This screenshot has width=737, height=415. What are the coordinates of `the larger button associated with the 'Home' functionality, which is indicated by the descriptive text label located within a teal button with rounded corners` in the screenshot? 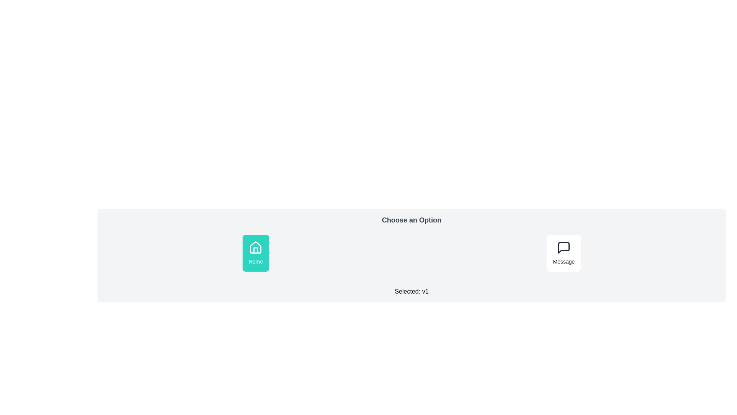 It's located at (256, 261).